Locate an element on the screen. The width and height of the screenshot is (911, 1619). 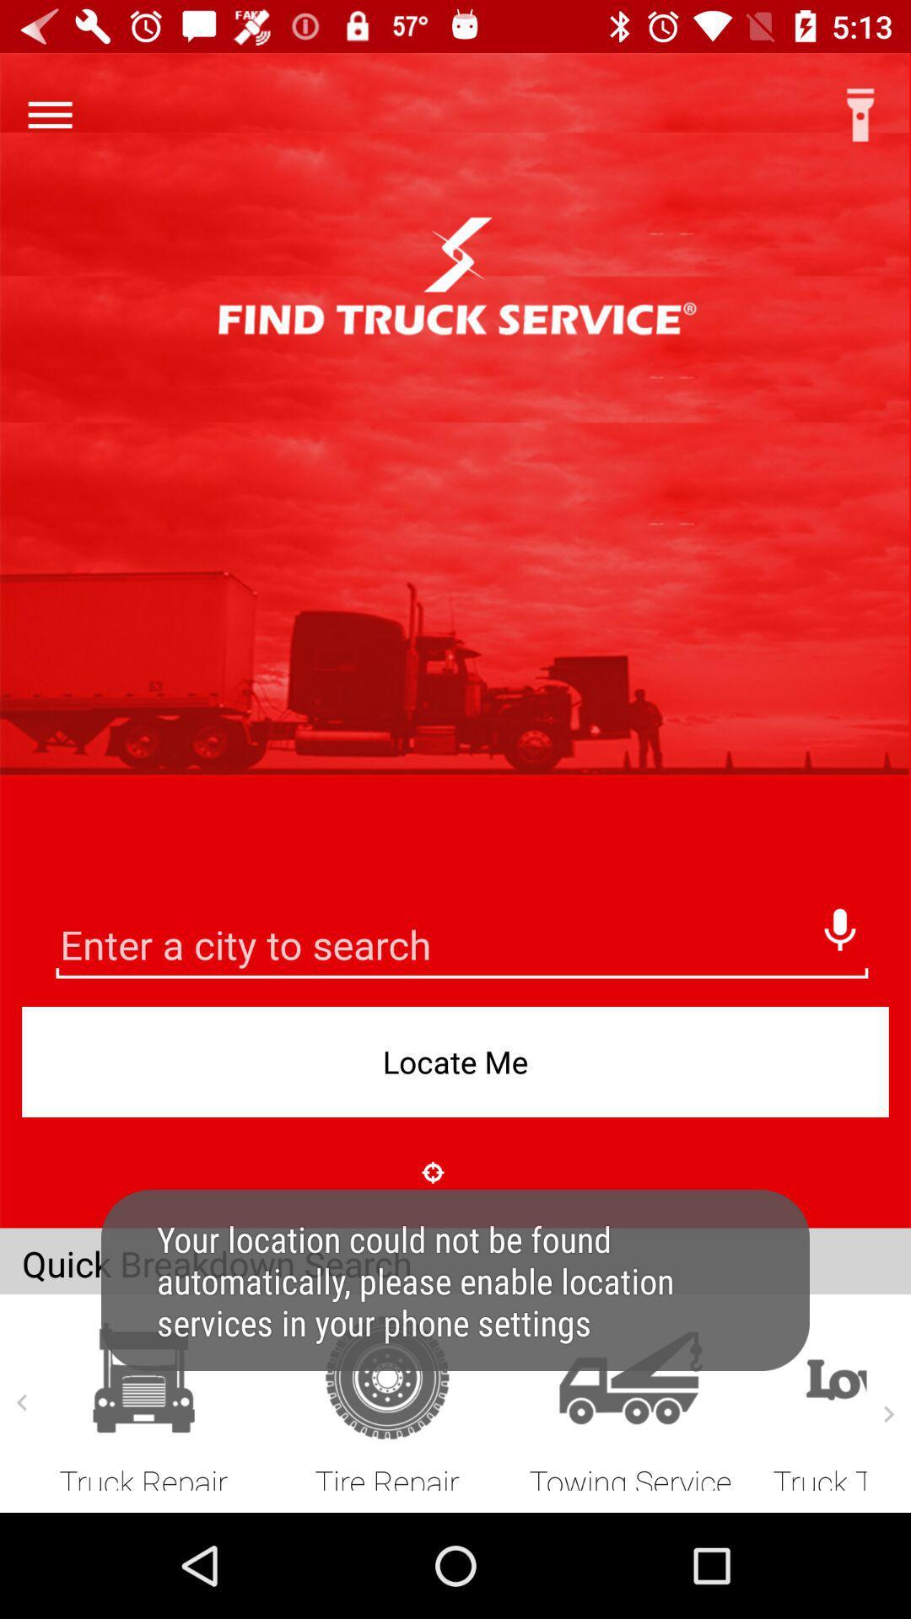
open menu is located at coordinates (49, 114).